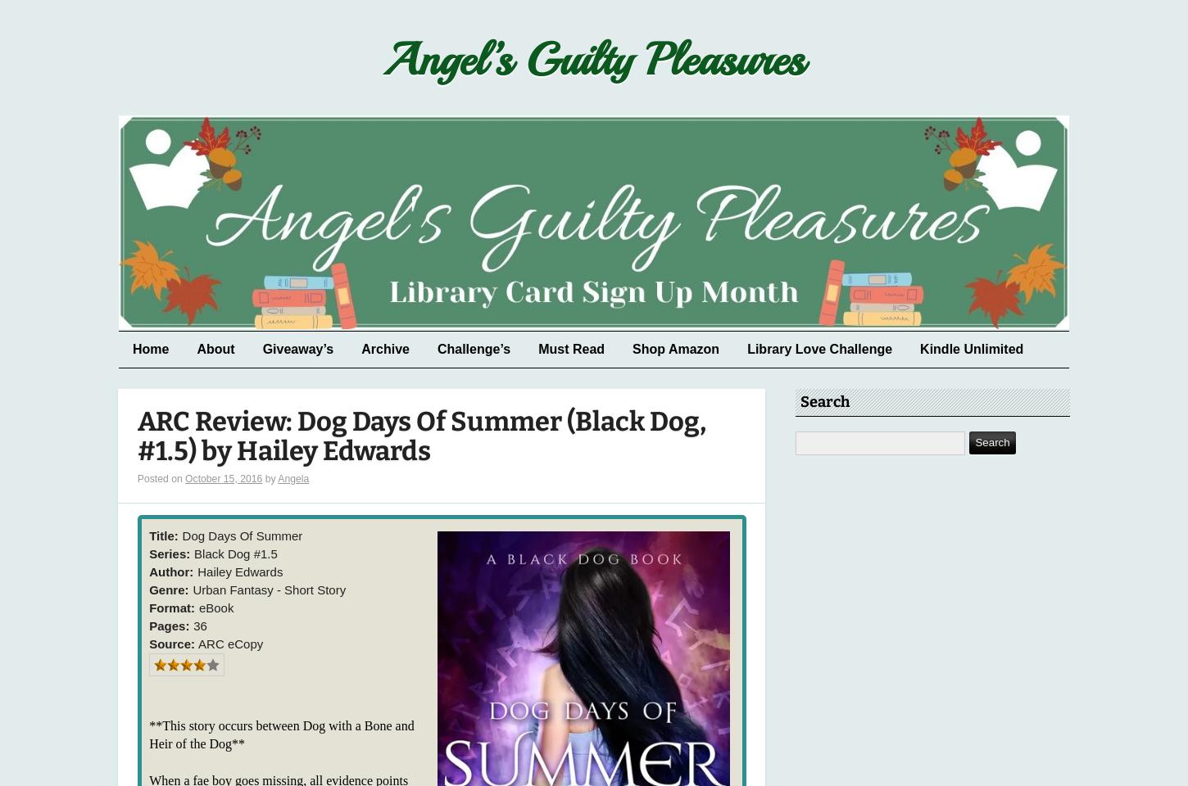 This screenshot has height=786, width=1188. Describe the element at coordinates (242, 534) in the screenshot. I see `'Dog Days Of Summer'` at that location.